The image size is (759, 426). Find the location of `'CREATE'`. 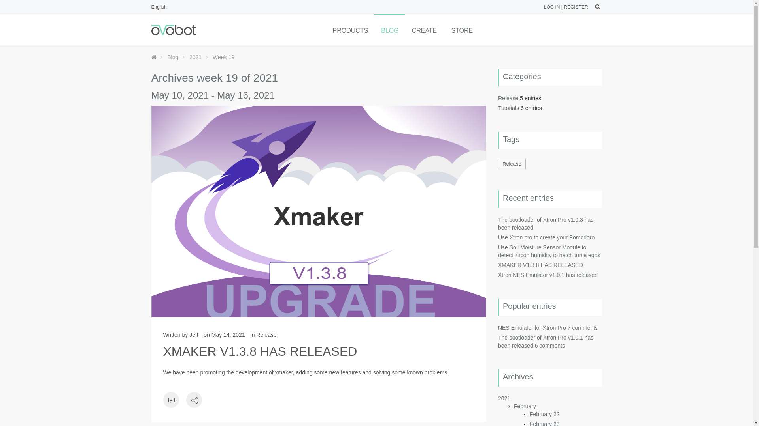

'CREATE' is located at coordinates (404, 29).